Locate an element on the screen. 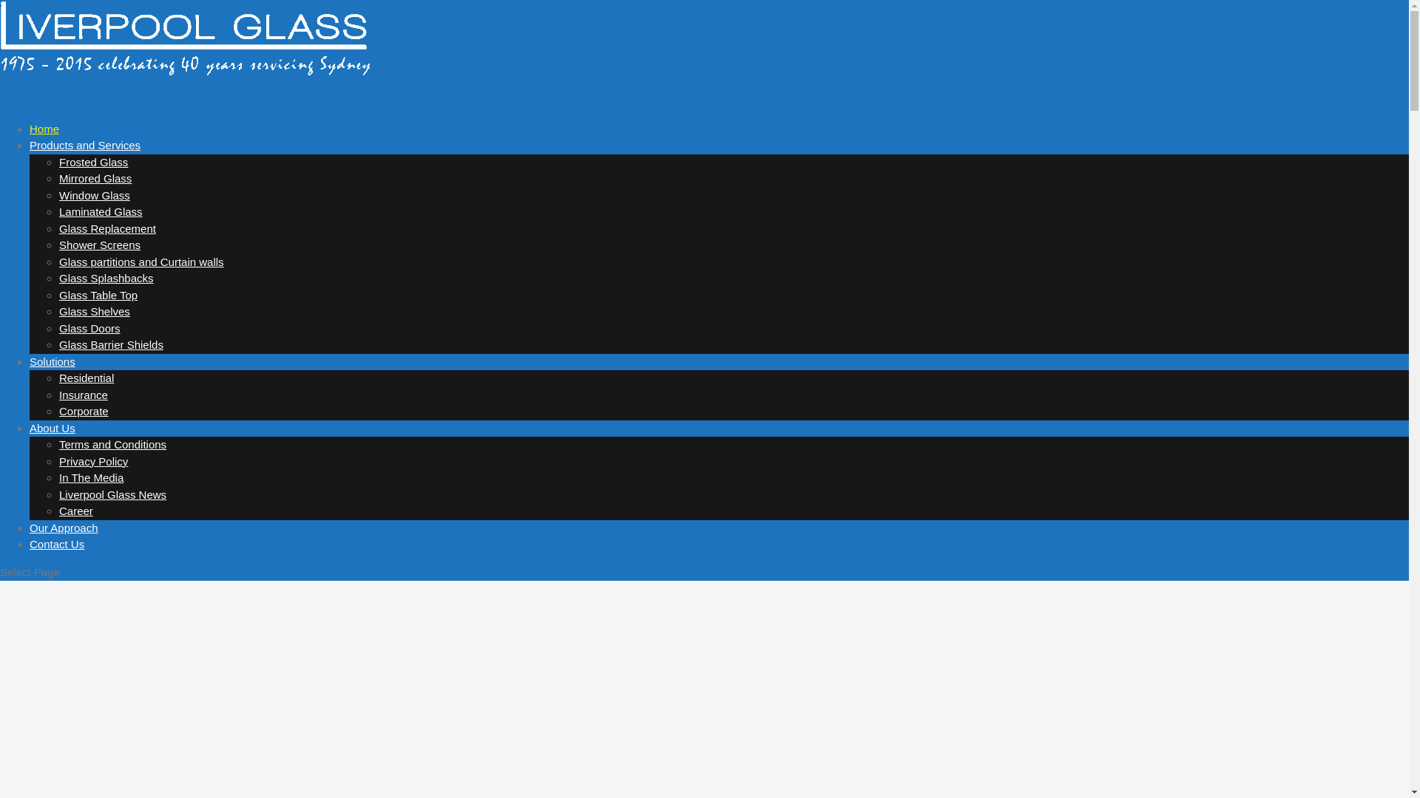 The width and height of the screenshot is (1420, 798). 'Mirrored Glass' is located at coordinates (95, 177).